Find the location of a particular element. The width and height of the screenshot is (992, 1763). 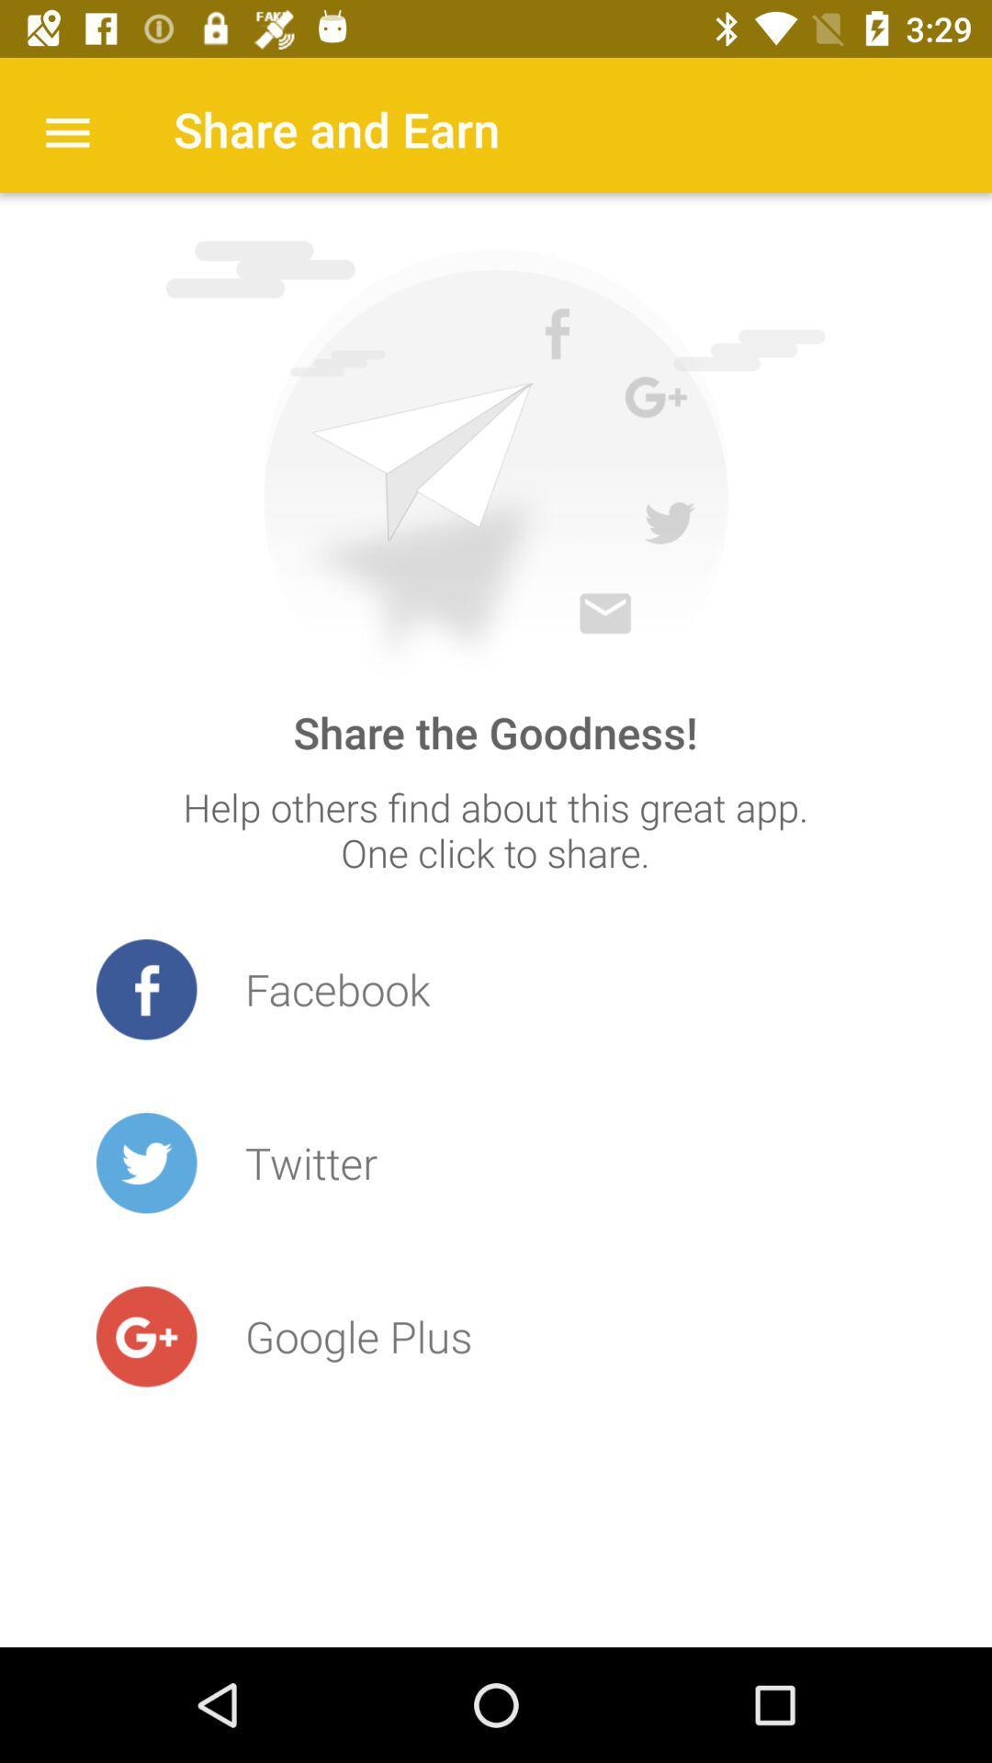

mobile app share is located at coordinates (494, 459).